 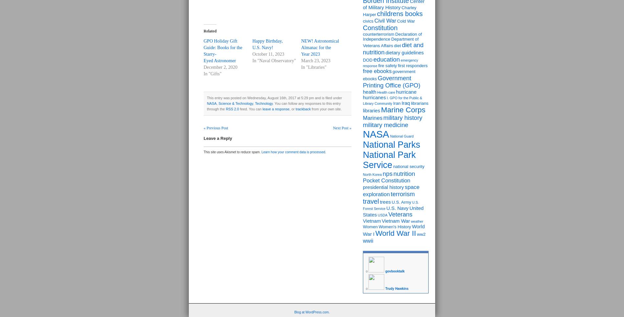 I want to click on 'childrens books', so click(x=399, y=13).